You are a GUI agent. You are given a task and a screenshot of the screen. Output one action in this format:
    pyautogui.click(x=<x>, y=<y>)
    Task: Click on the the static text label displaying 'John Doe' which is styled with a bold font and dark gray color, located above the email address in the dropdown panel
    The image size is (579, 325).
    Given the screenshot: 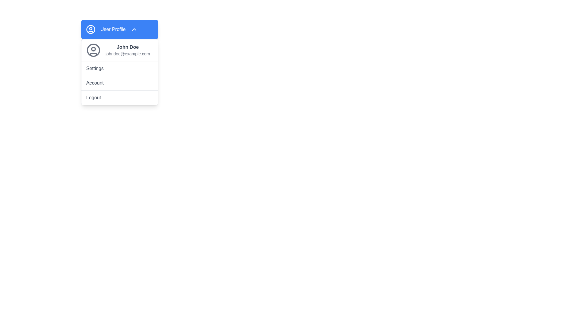 What is the action you would take?
    pyautogui.click(x=127, y=47)
    